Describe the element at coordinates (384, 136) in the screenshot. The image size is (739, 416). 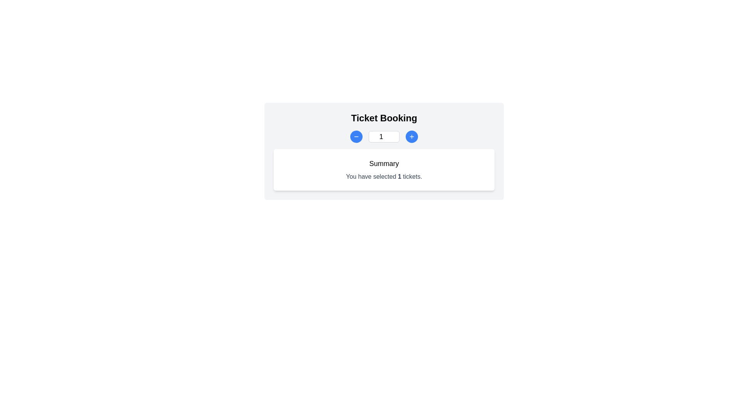
I see `the number input field that allows modification of ticket quantity, which is centrally aligned between two blue circular buttons with minus and plus icons` at that location.